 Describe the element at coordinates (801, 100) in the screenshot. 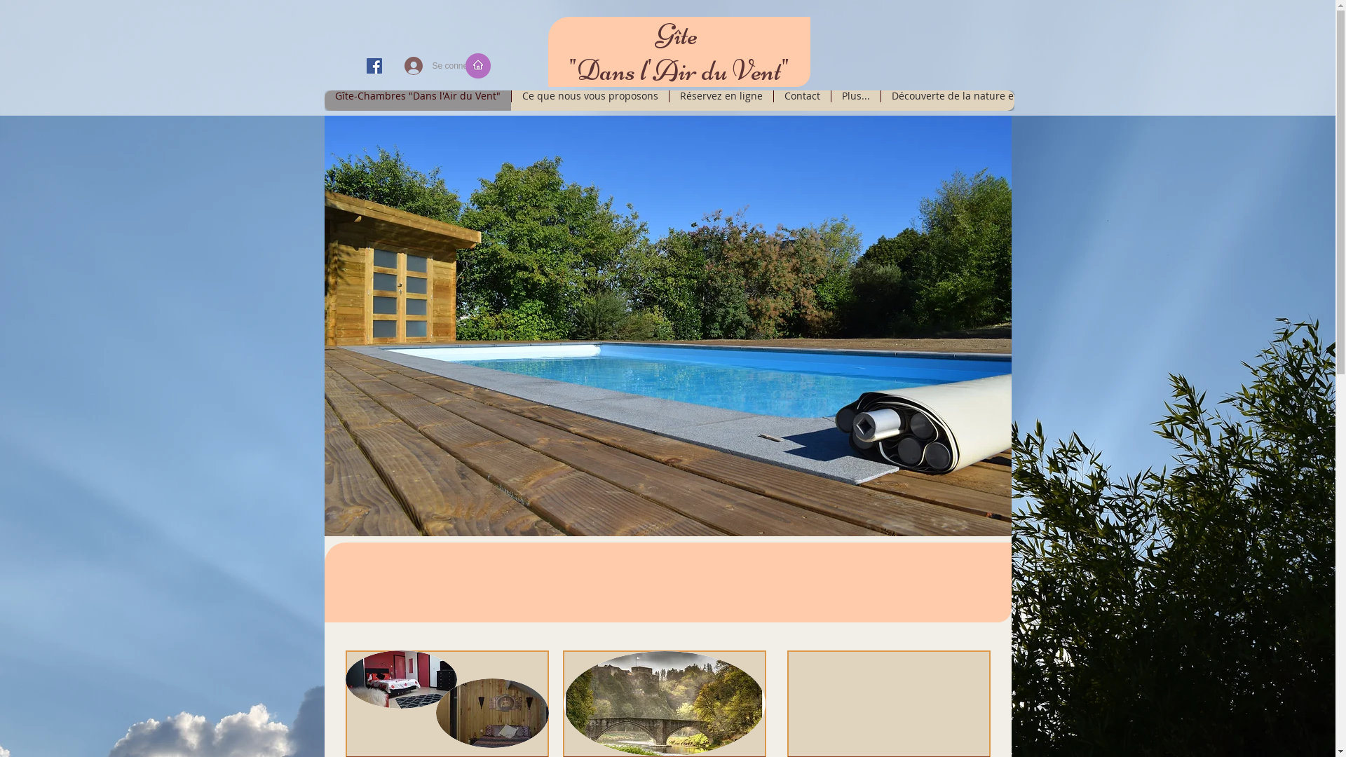

I see `'Contact'` at that location.